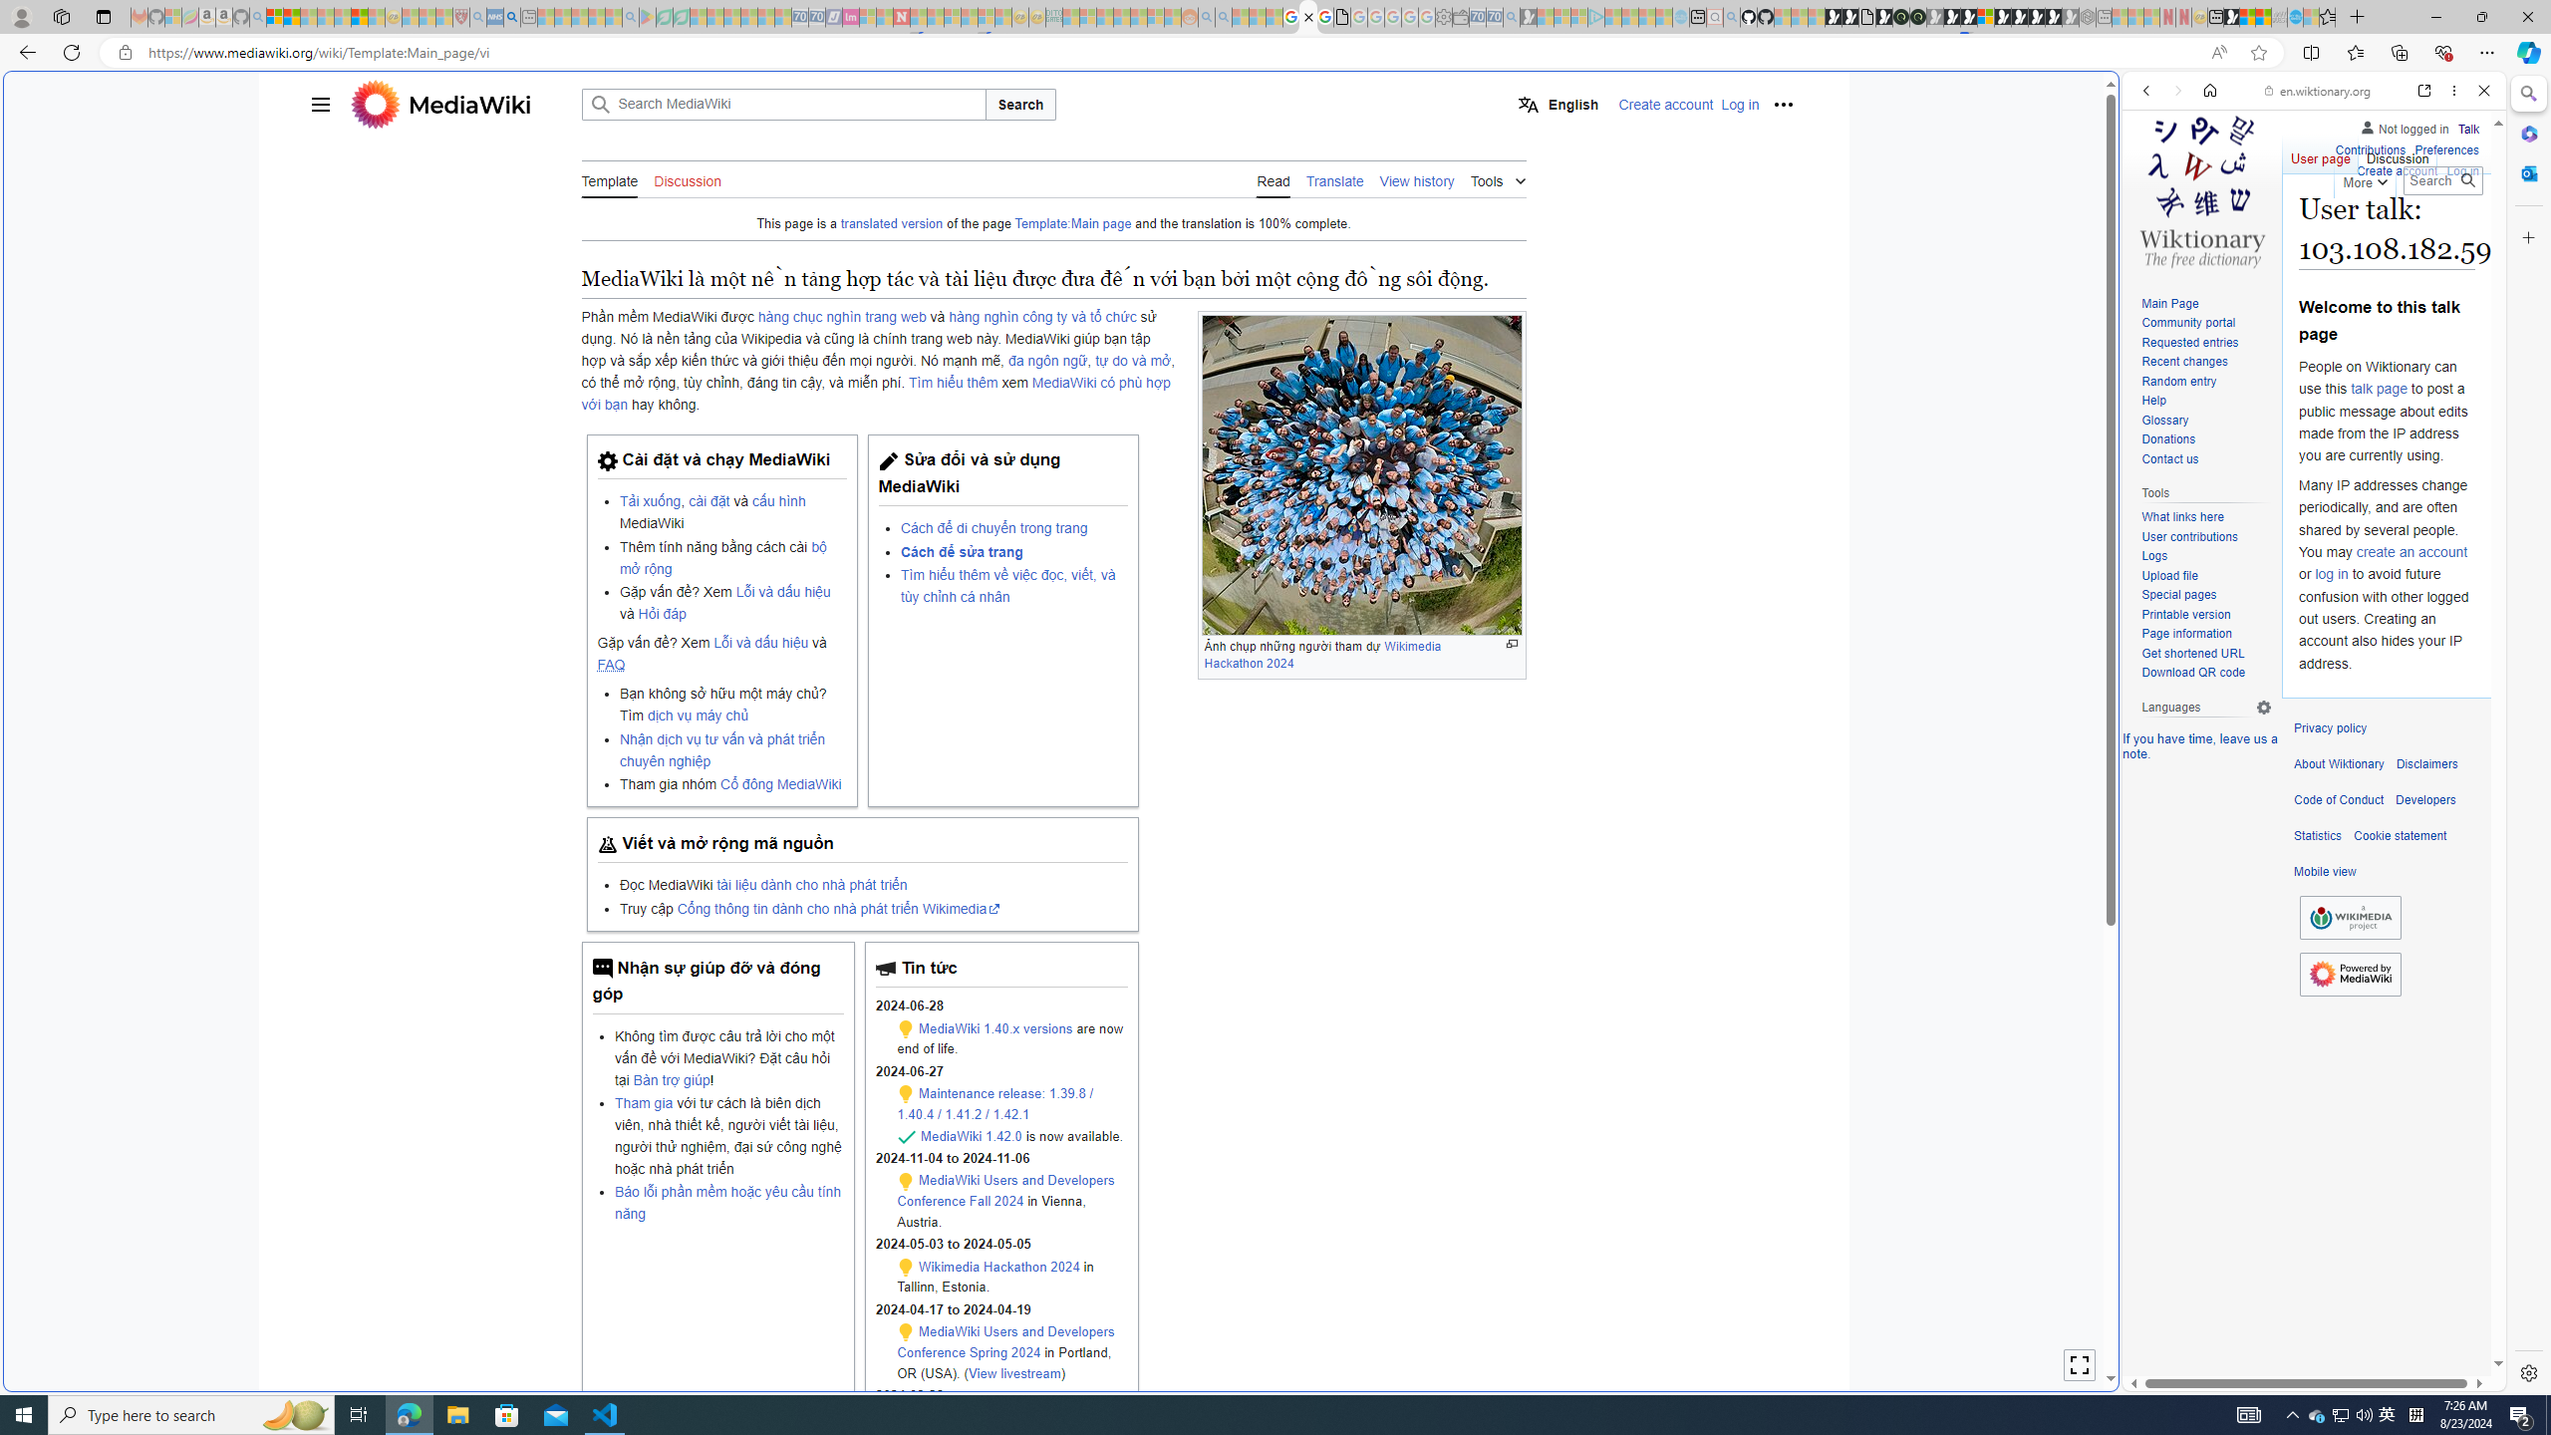 The width and height of the screenshot is (2551, 1435). What do you see at coordinates (609, 179) in the screenshot?
I see `'Template'` at bounding box center [609, 179].